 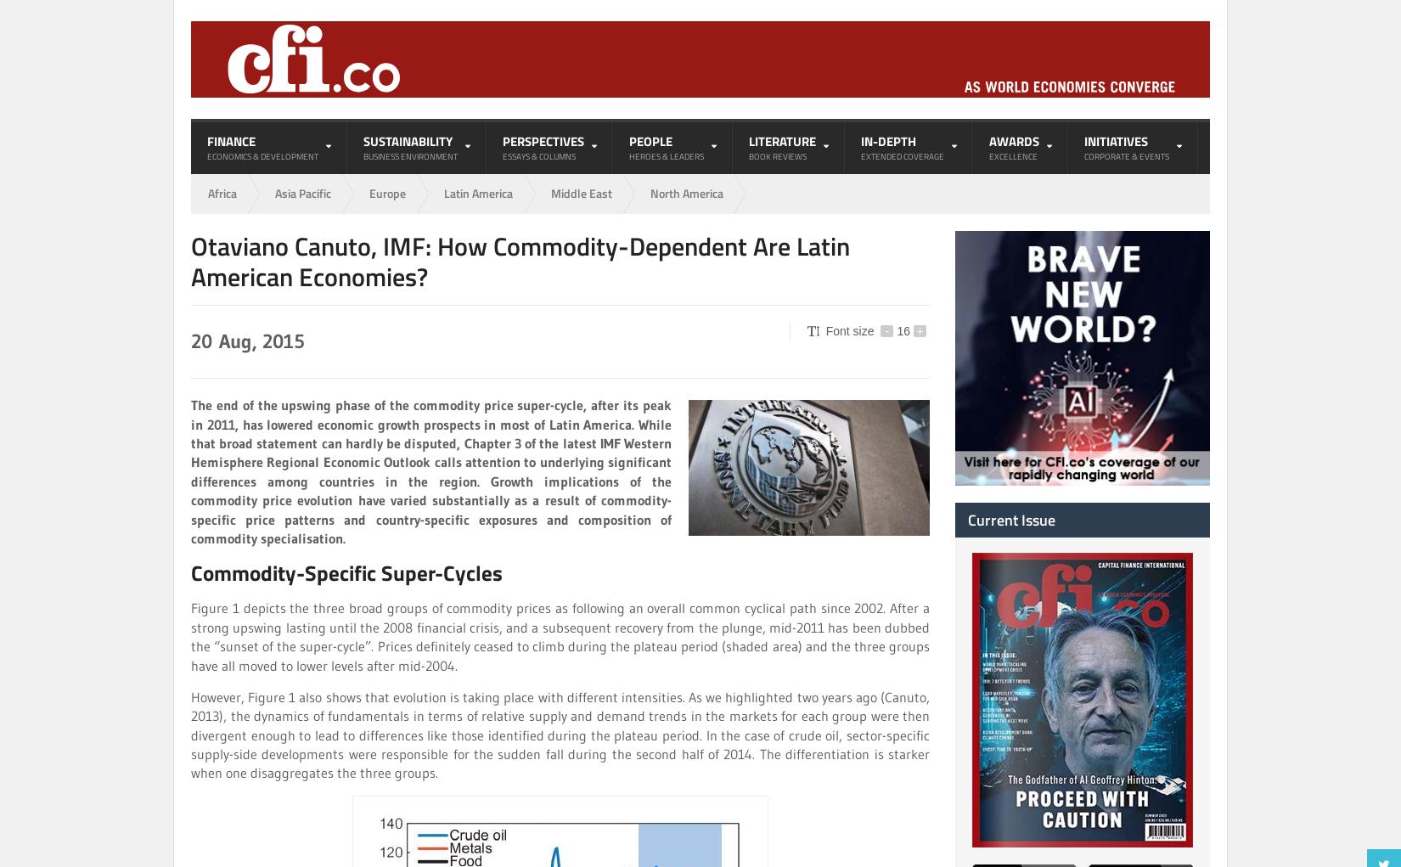 I want to click on '20', so click(x=191, y=340).